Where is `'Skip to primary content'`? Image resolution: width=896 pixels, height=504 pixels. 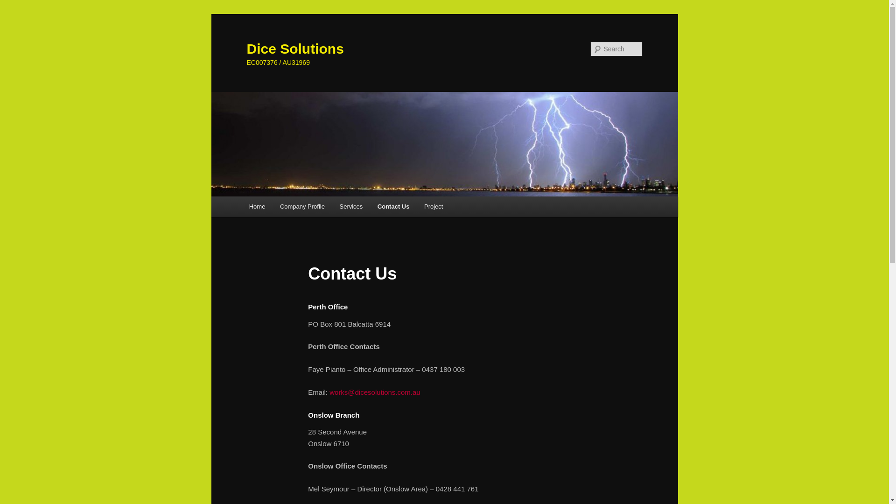 'Skip to primary content' is located at coordinates (14, 14).